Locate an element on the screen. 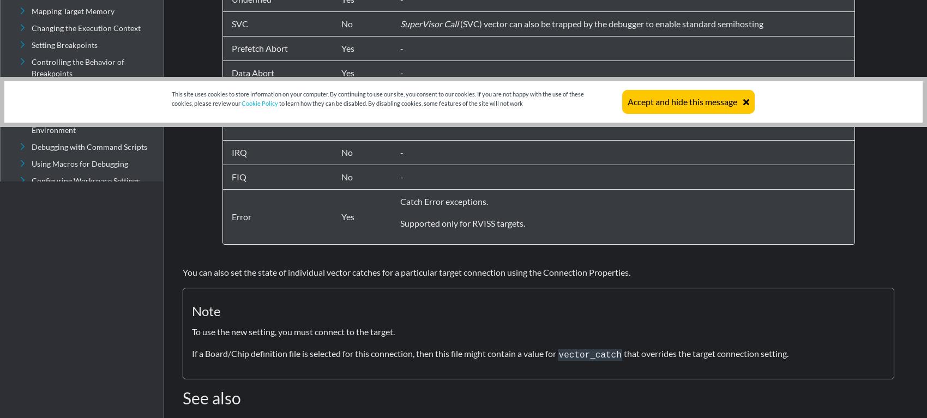  'Supported only for RVISS targets.' is located at coordinates (462, 222).